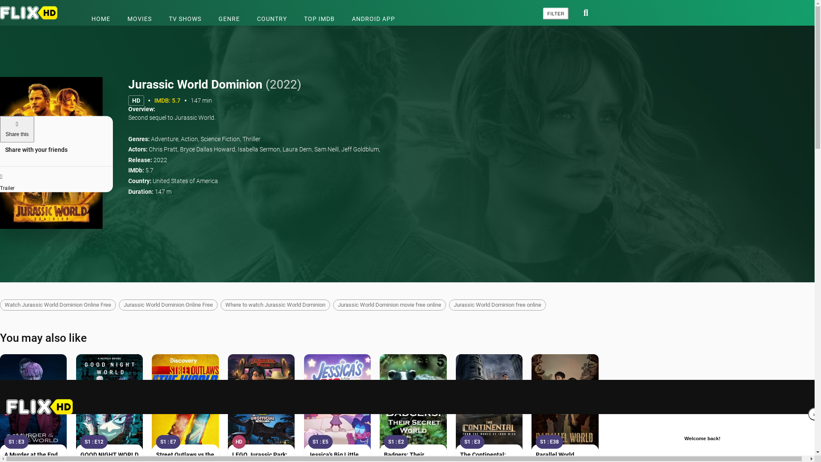 The width and height of the screenshot is (821, 462). Describe the element at coordinates (151, 138) in the screenshot. I see `'Adventure'` at that location.